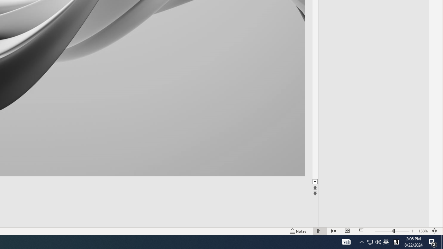  I want to click on 'Reading View', so click(347, 231).